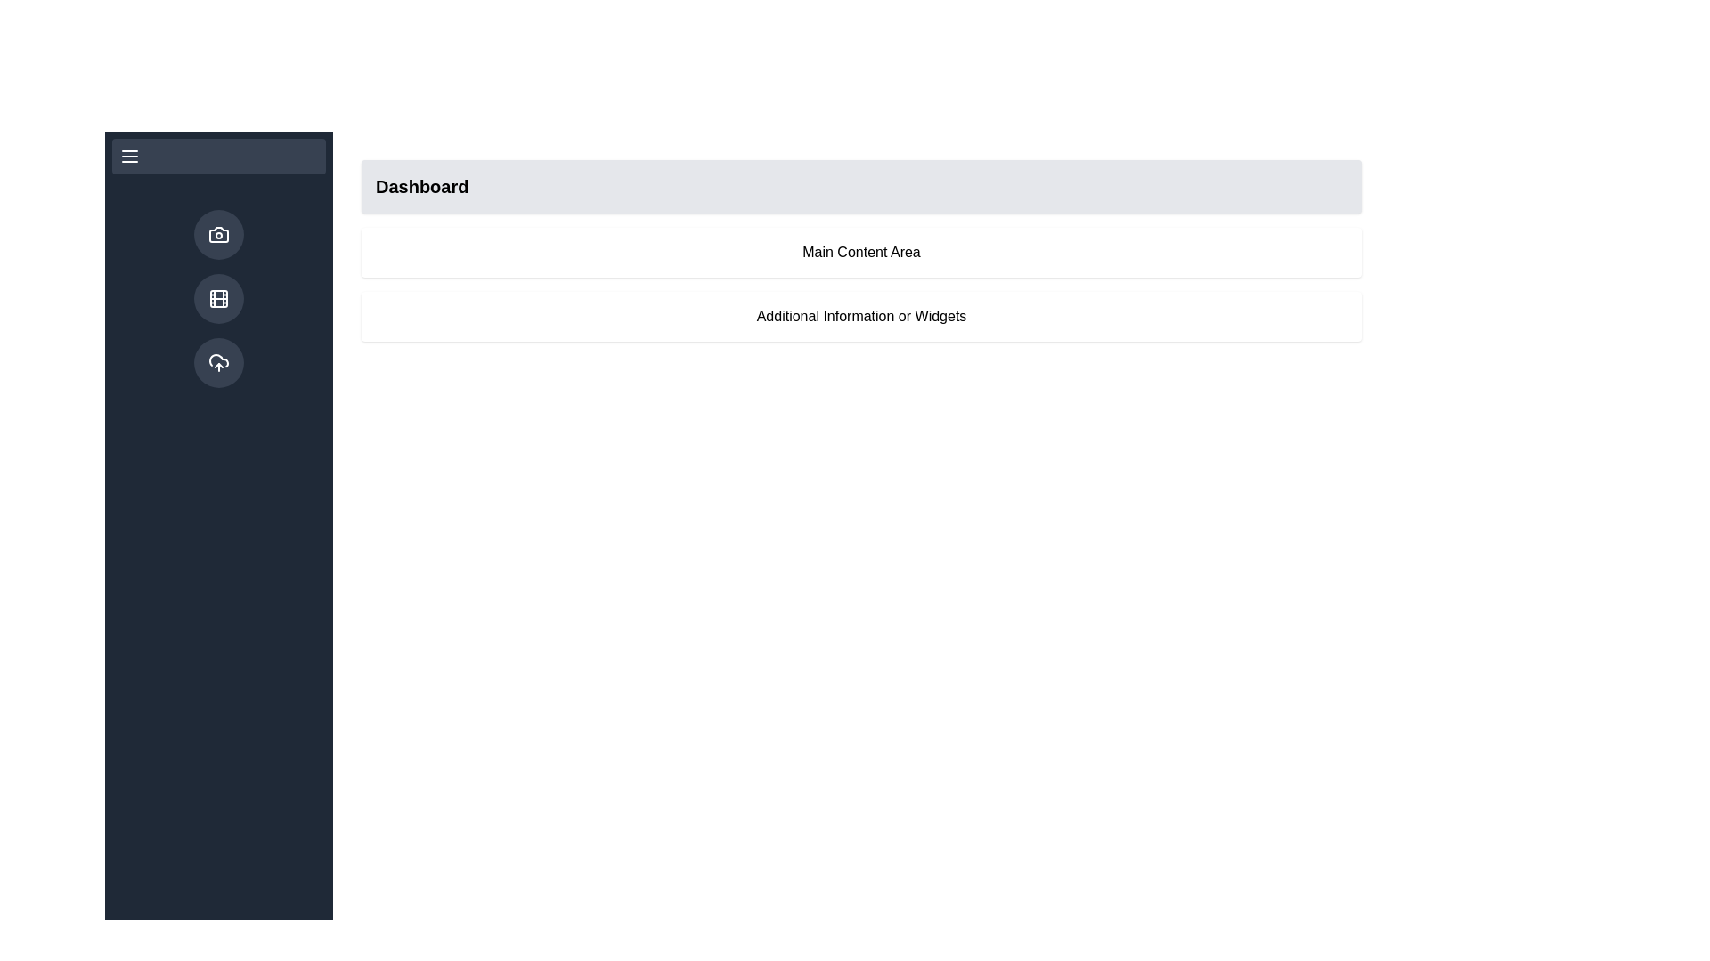 The height and width of the screenshot is (961, 1710). I want to click on the film strip icon component located, so click(217, 297).